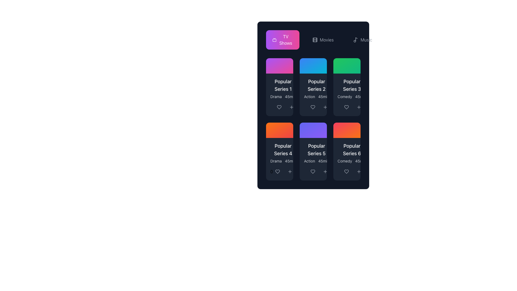 This screenshot has height=291, width=517. What do you see at coordinates (280, 153) in the screenshot?
I see `the fourth TextLabel` at bounding box center [280, 153].